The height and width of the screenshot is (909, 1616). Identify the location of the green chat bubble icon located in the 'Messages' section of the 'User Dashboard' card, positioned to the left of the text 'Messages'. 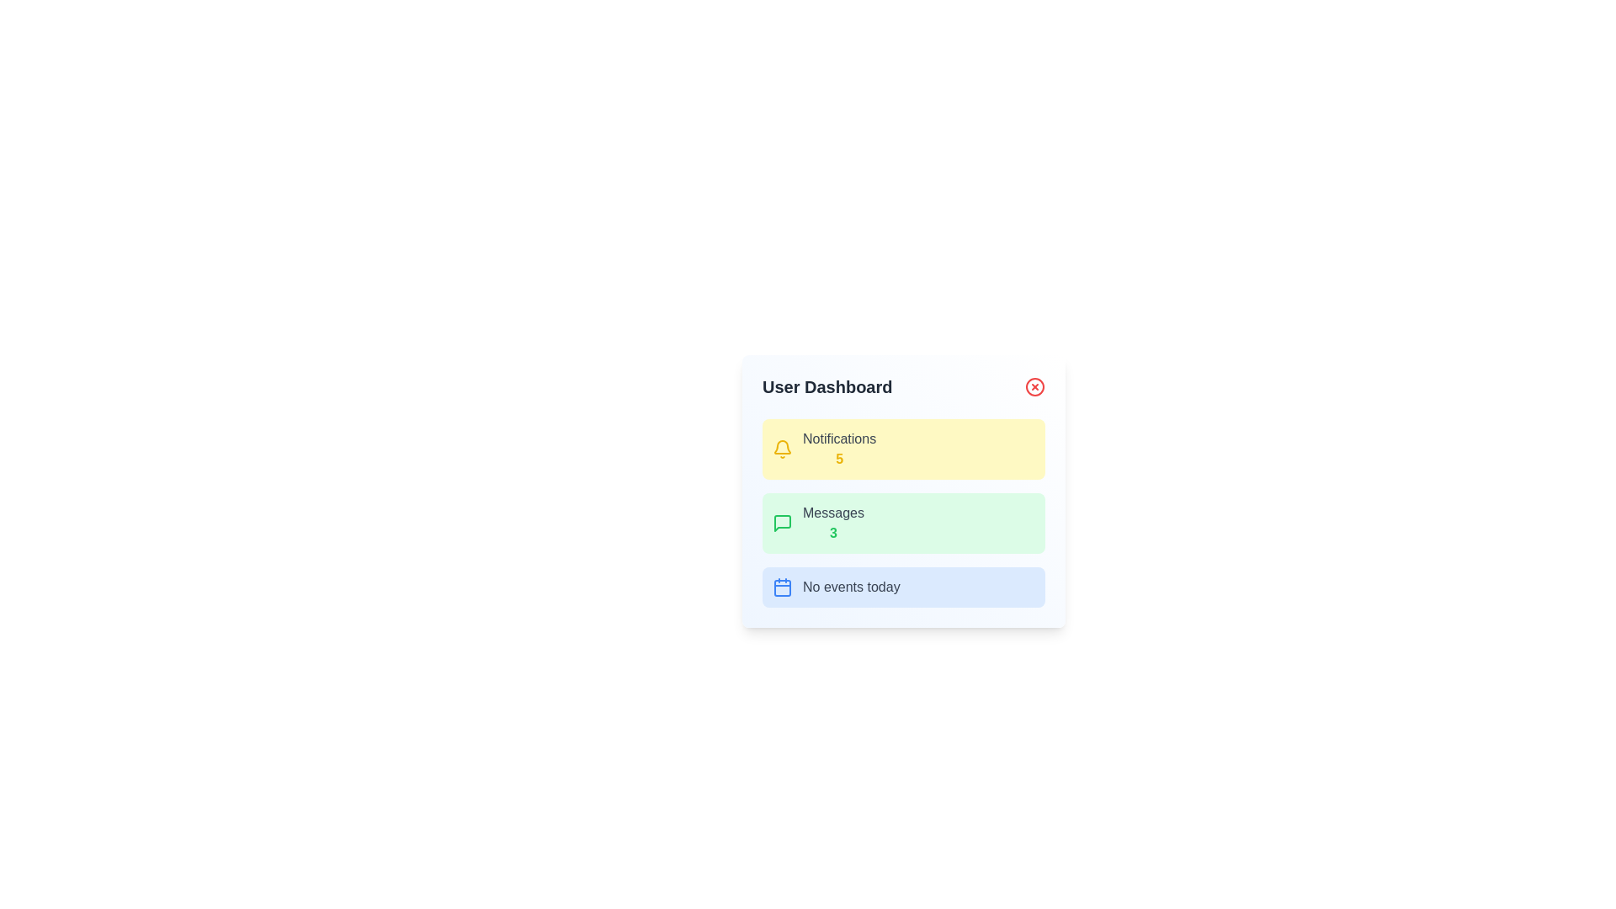
(782, 522).